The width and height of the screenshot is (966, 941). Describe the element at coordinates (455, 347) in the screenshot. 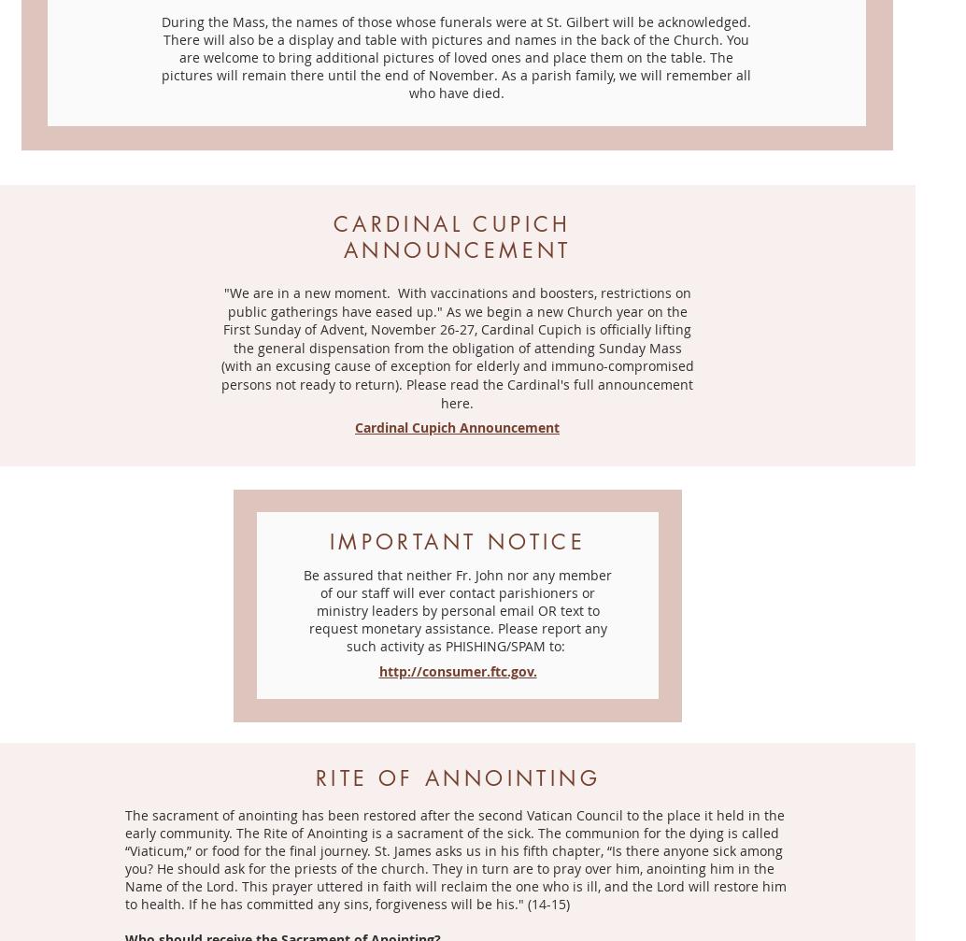

I see `'"We are in a new moment.  With vaccinations and boosters, restrictions on public gatherings have eased up." As we begin a new Church year on the First Sunday of Advent, November 26-27, Cardinal Cupich is officially lifting the general dispensation from the obligation of attending Sunday Mass (with an excusing cause of exception for elderly and immuno-compromised persons not ready to return). Please read the Cardinal's full announcement here.'` at that location.